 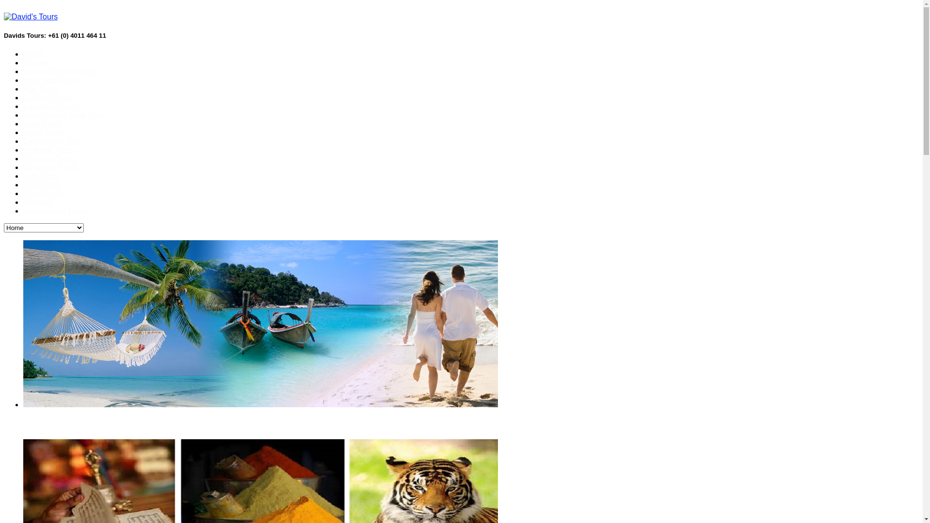 What do you see at coordinates (54, 141) in the screenshot?
I see `'Engineering Tours'` at bounding box center [54, 141].